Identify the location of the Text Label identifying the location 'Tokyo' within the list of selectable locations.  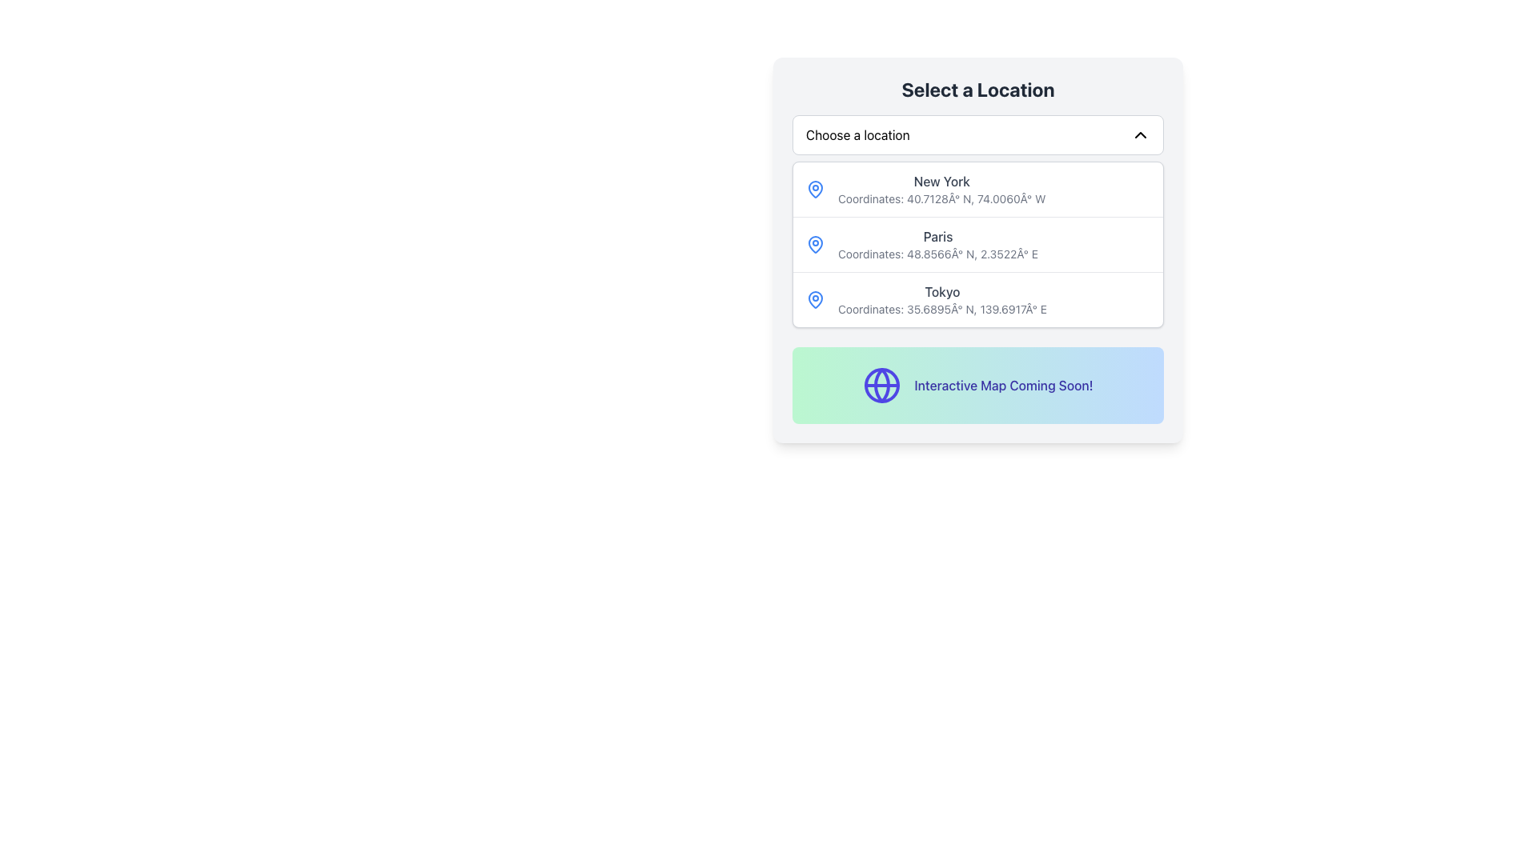
(942, 292).